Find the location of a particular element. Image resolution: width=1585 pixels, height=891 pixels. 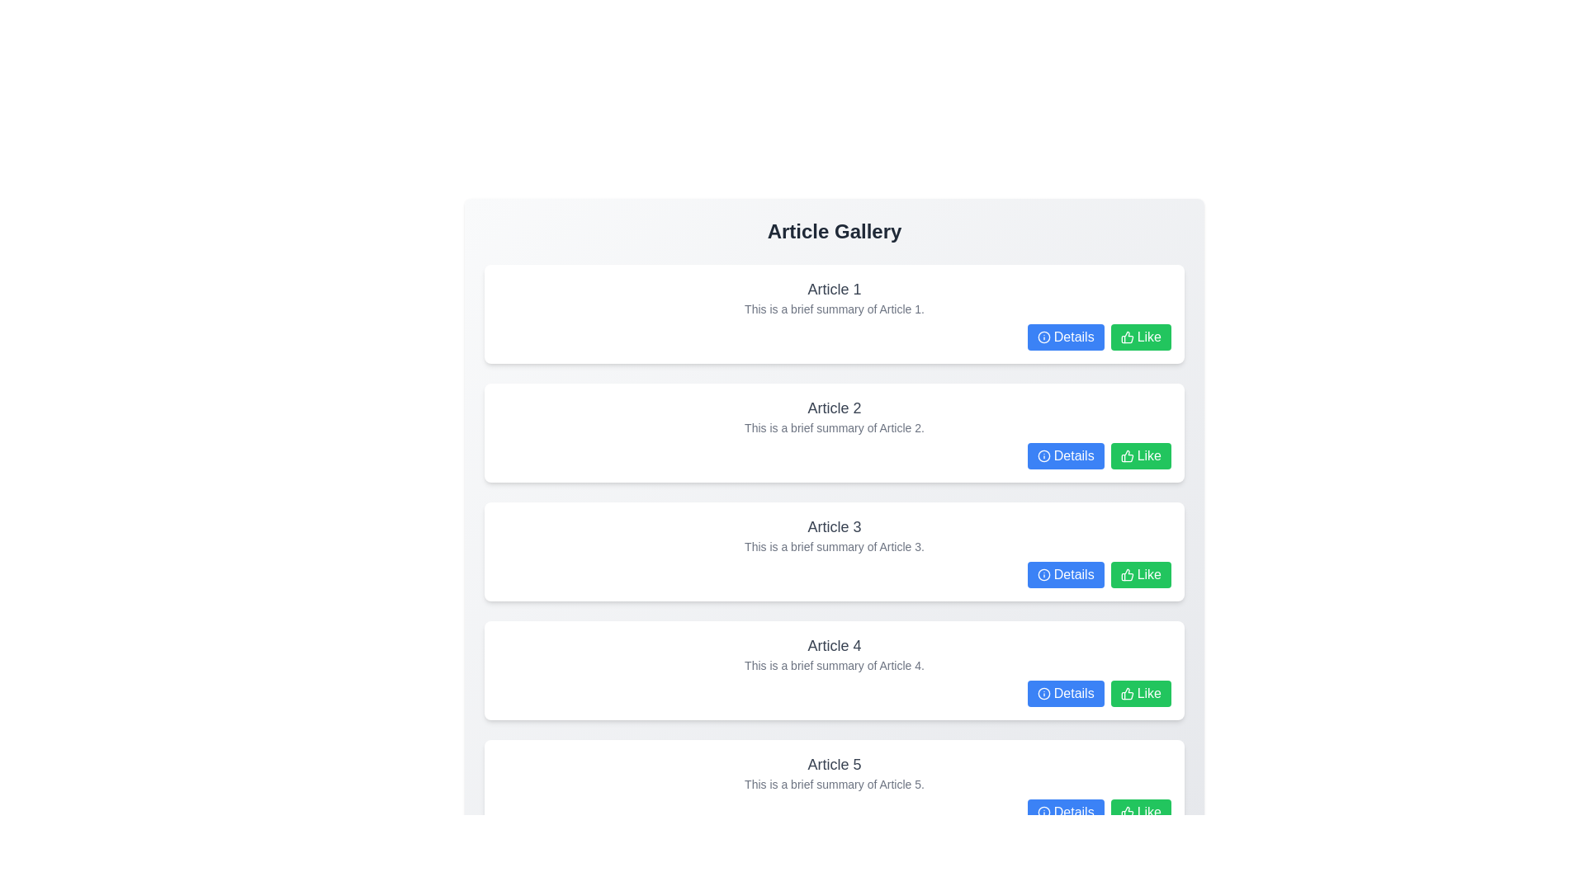

the blue 'Details' button with rounded corners, which features a white 'info' icon and white text is located at coordinates (1066, 811).